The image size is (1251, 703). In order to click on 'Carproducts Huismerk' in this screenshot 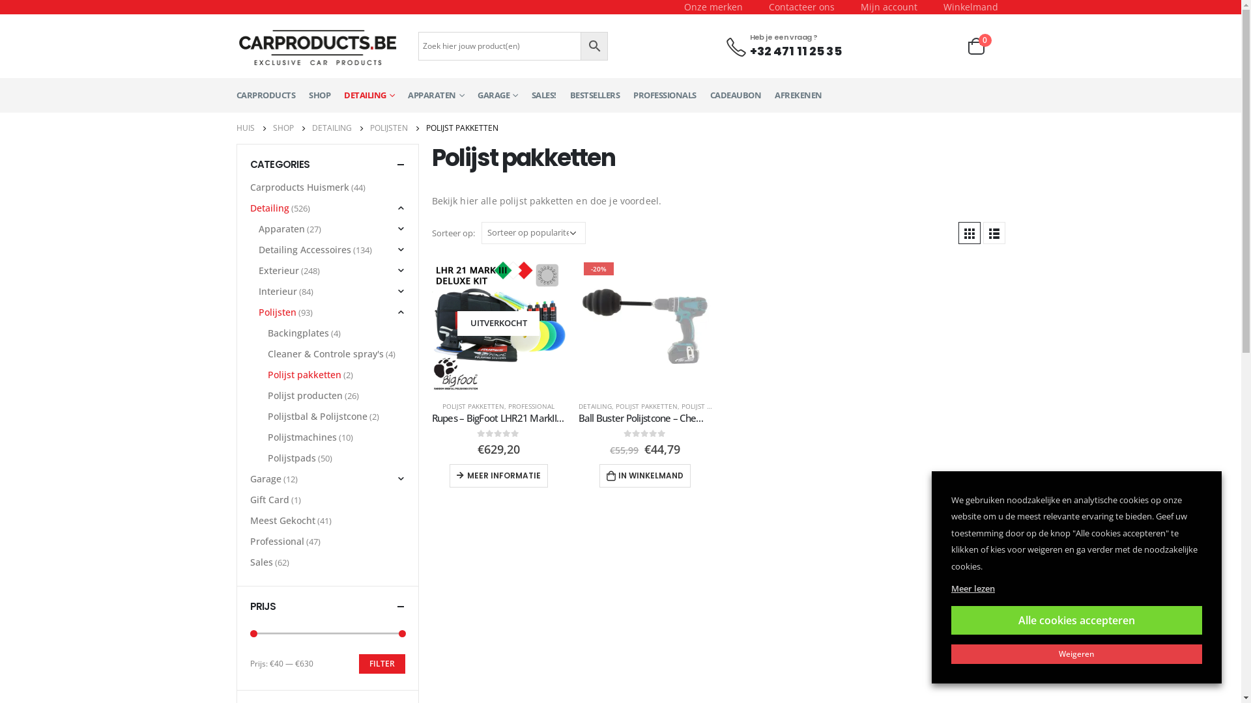, I will do `click(299, 187)`.